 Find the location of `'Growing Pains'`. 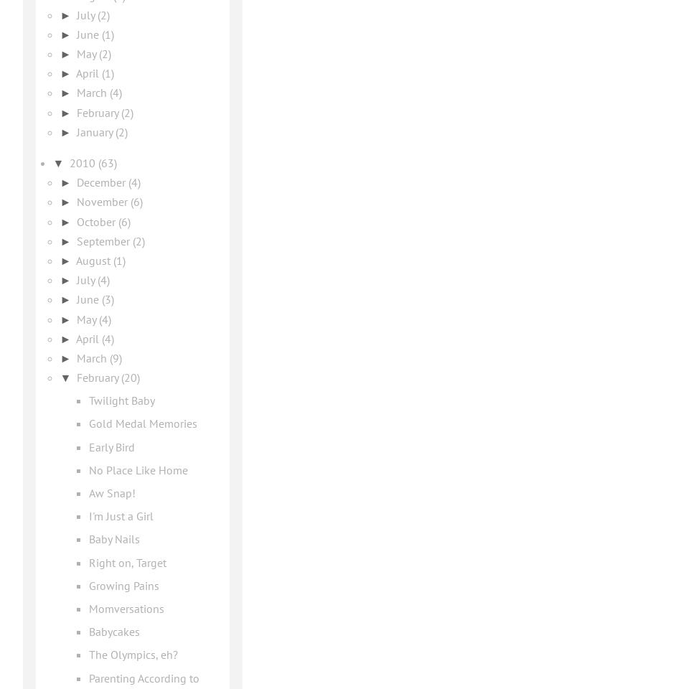

'Growing Pains' is located at coordinates (123, 585).